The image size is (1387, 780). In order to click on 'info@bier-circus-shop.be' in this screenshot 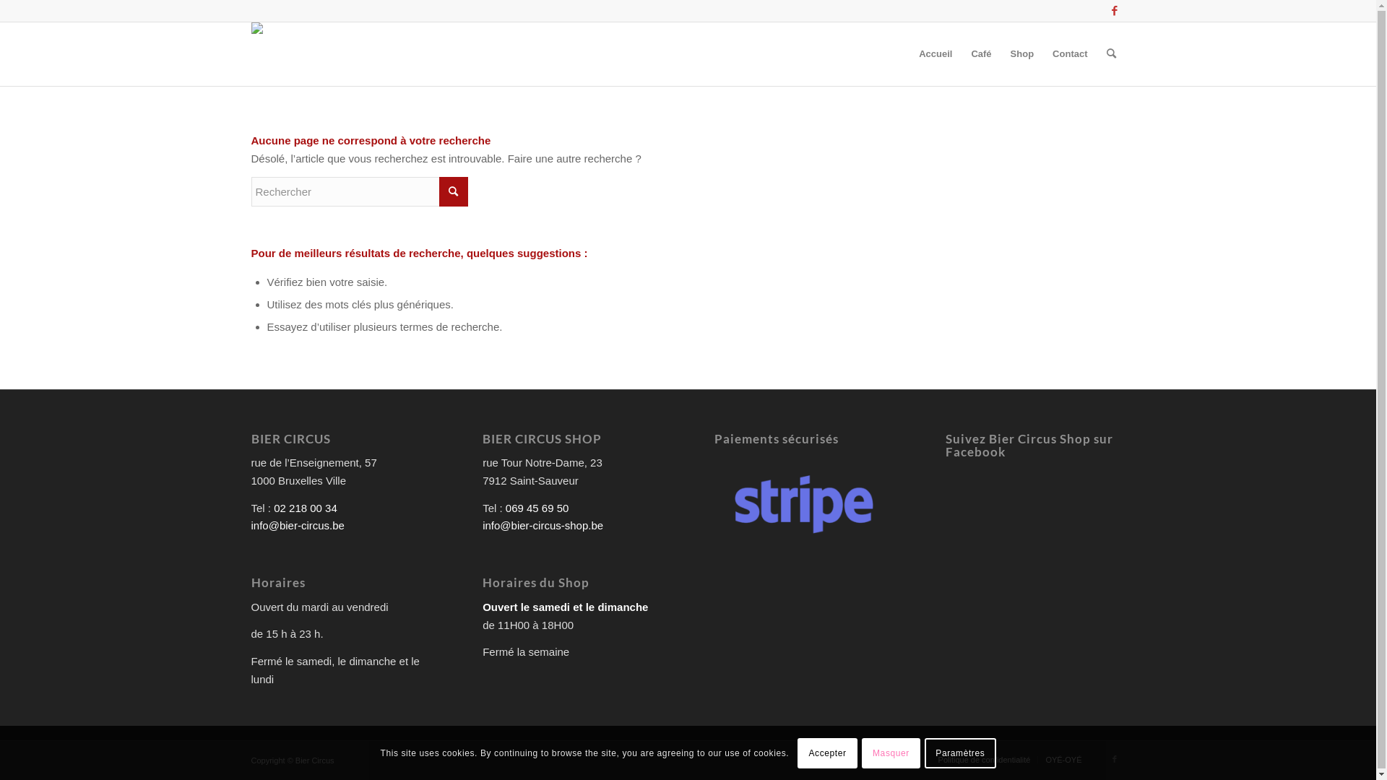, I will do `click(542, 525)`.